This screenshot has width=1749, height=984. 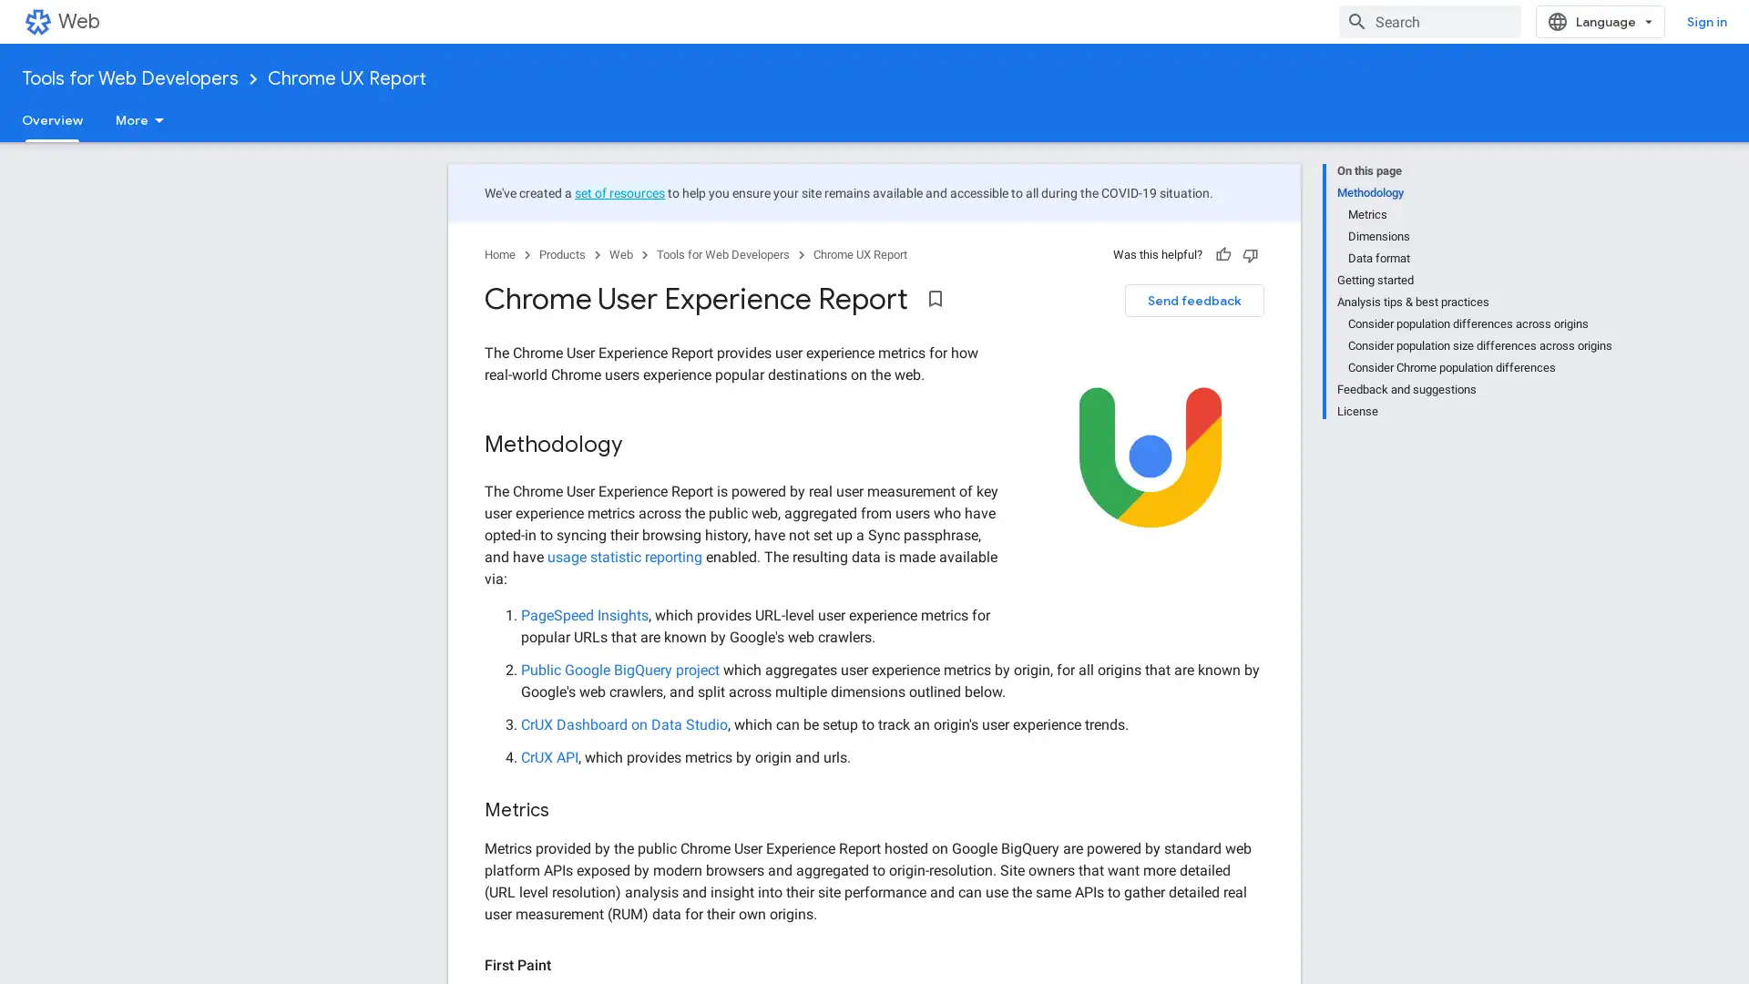 What do you see at coordinates (567, 810) in the screenshot?
I see `Copy link to this section: Metrics` at bounding box center [567, 810].